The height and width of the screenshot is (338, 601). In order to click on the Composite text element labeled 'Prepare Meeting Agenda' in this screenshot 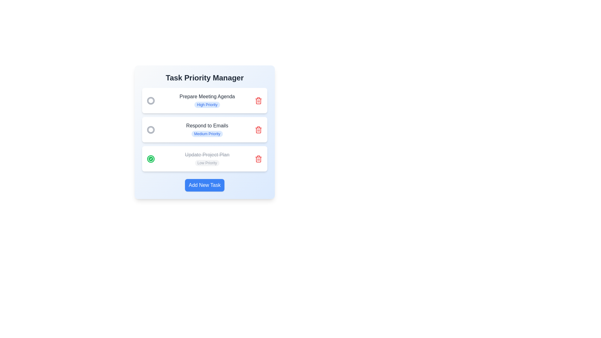, I will do `click(207, 100)`.